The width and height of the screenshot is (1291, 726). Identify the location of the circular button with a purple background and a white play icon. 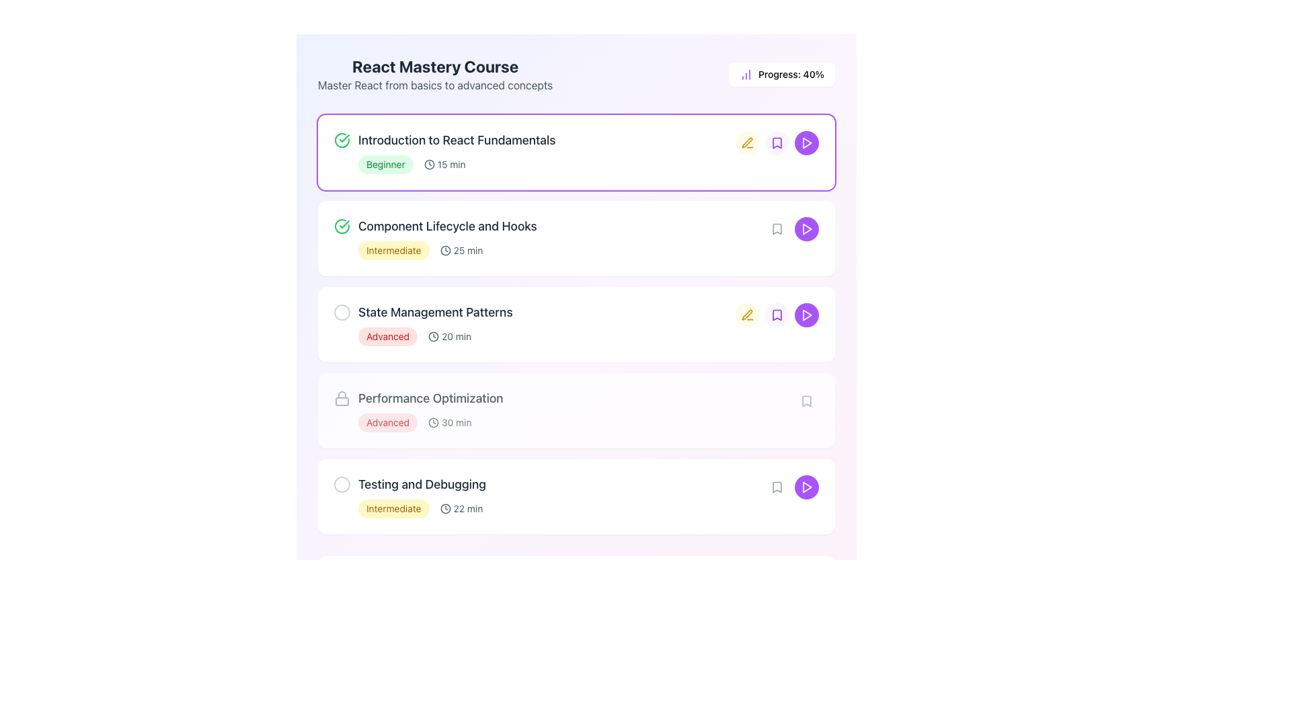
(807, 487).